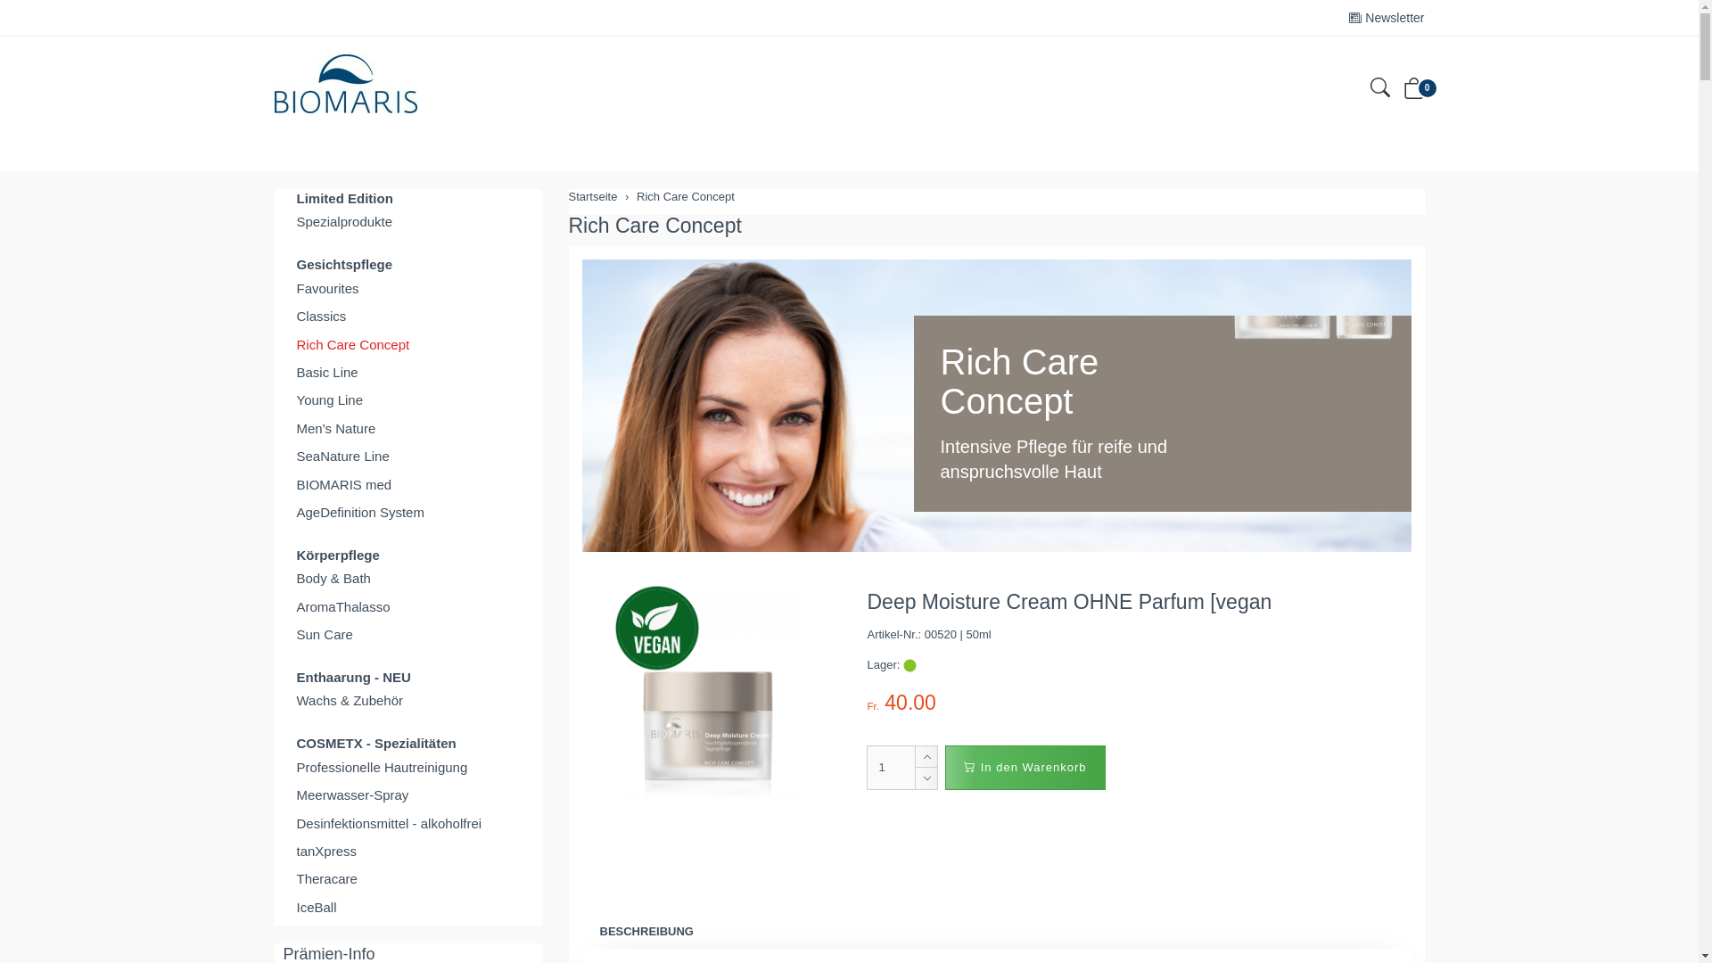 Image resolution: width=1712 pixels, height=963 pixels. I want to click on 'Classics', so click(282, 315).